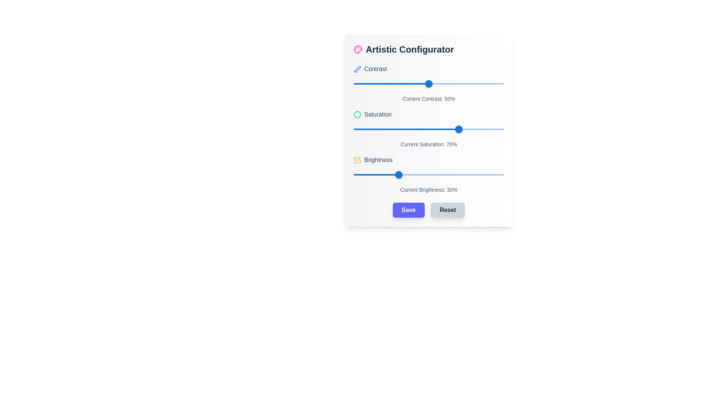 Image resolution: width=721 pixels, height=406 pixels. Describe the element at coordinates (394, 175) in the screenshot. I see `the brightness` at that location.